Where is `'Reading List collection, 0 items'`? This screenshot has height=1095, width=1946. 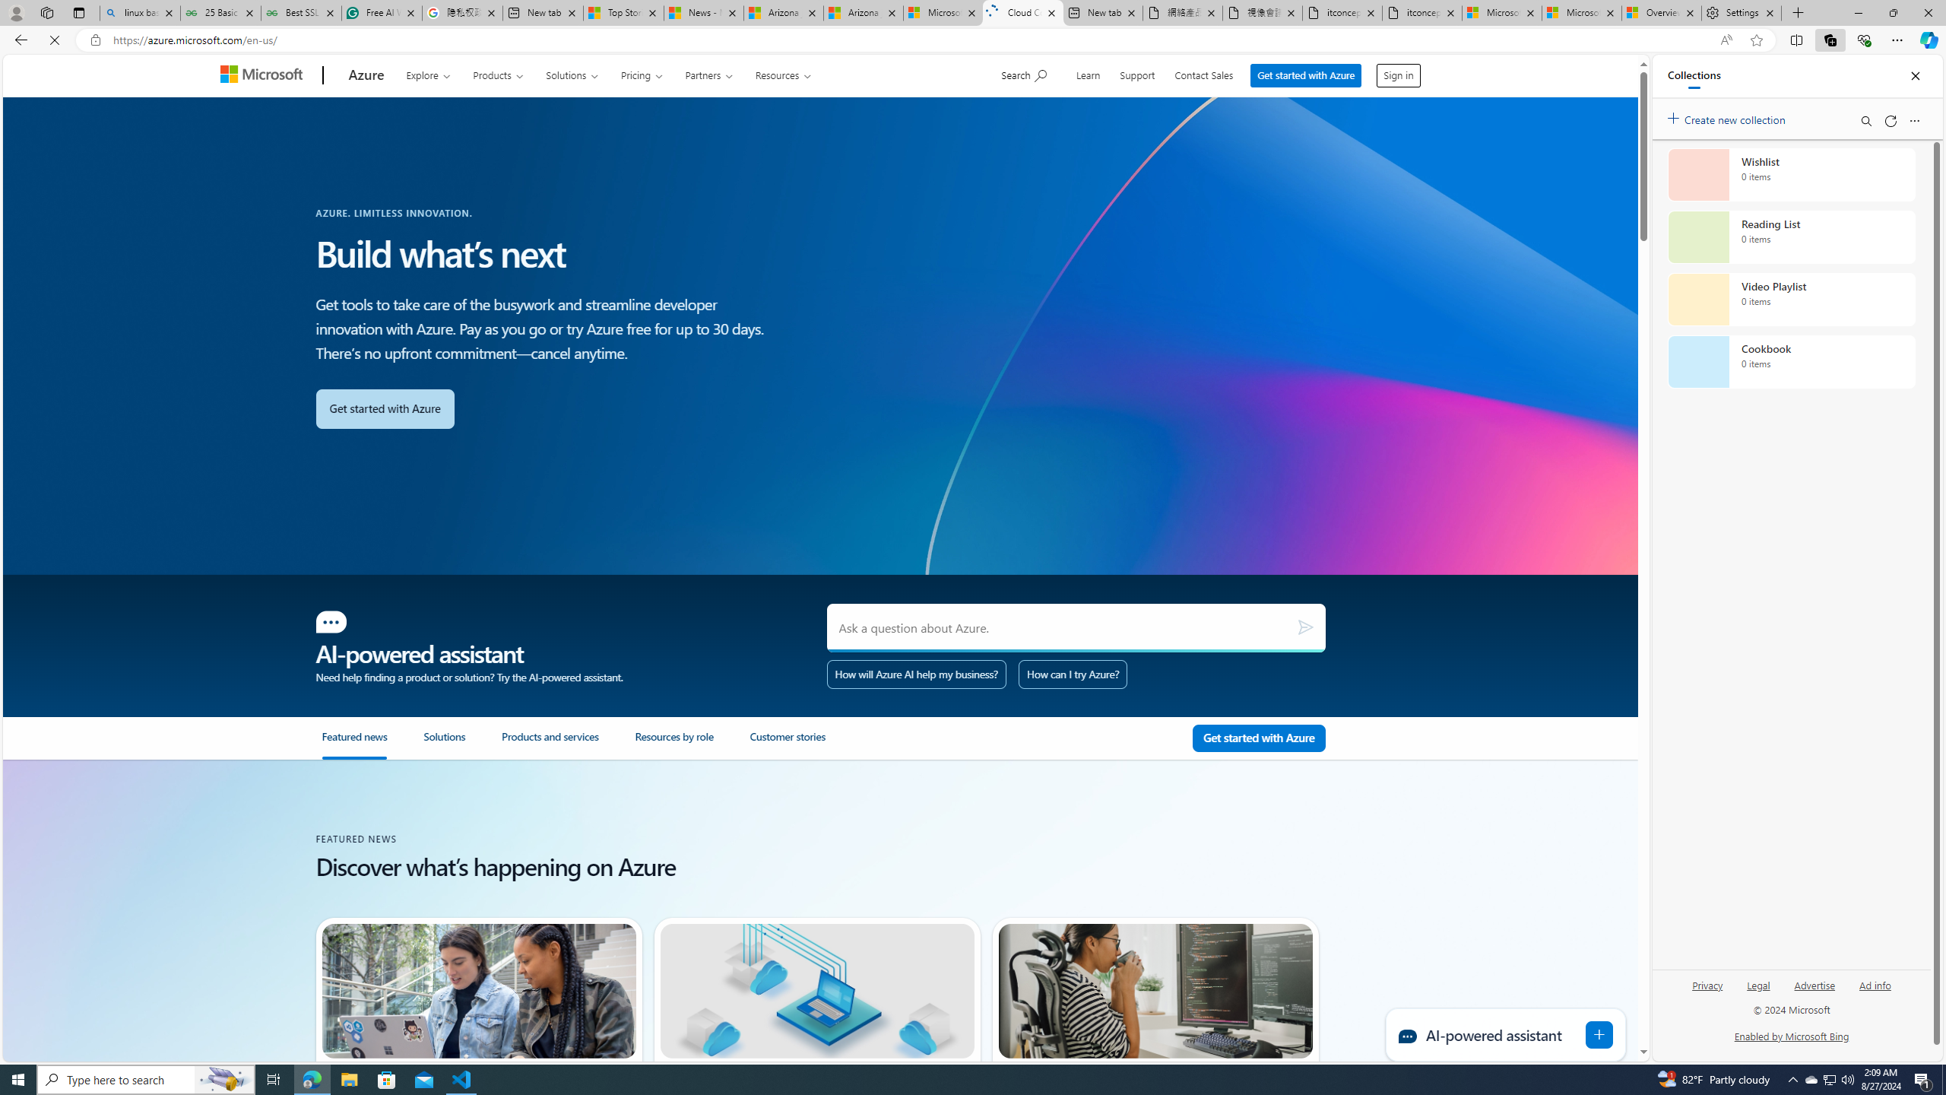 'Reading List collection, 0 items' is located at coordinates (1791, 236).